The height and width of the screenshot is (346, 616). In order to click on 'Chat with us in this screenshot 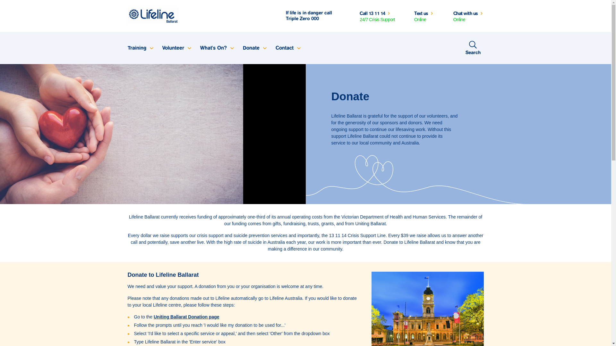, I will do `click(468, 16)`.